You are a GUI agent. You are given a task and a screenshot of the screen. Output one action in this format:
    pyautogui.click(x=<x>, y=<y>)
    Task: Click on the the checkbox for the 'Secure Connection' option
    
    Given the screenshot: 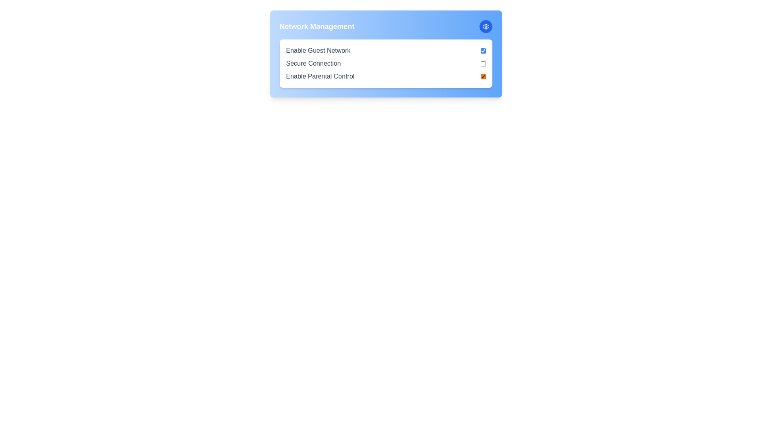 What is the action you would take?
    pyautogui.click(x=385, y=63)
    